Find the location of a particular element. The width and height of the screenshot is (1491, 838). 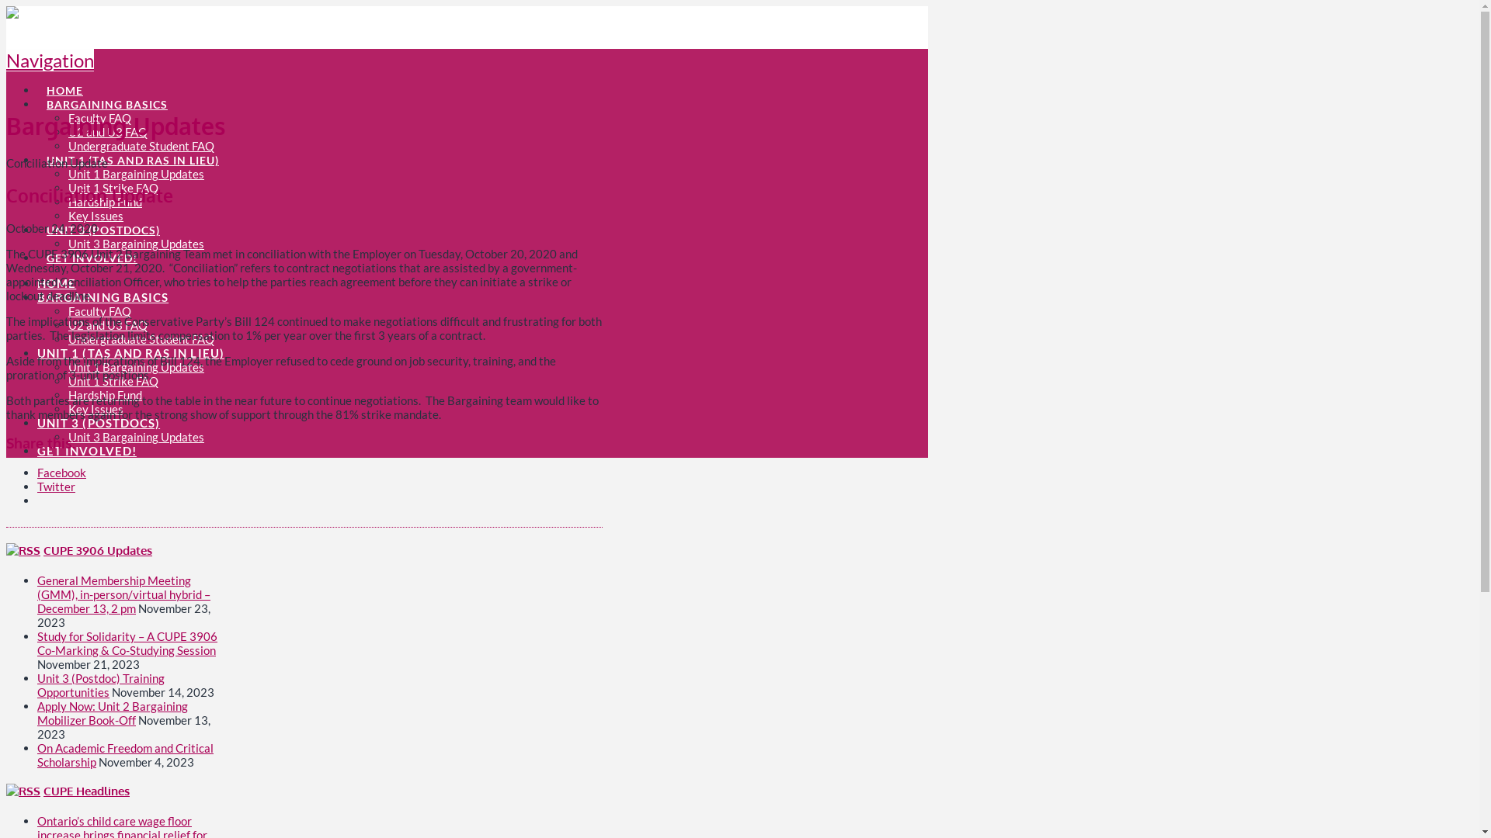

'Navigation' is located at coordinates (50, 59).